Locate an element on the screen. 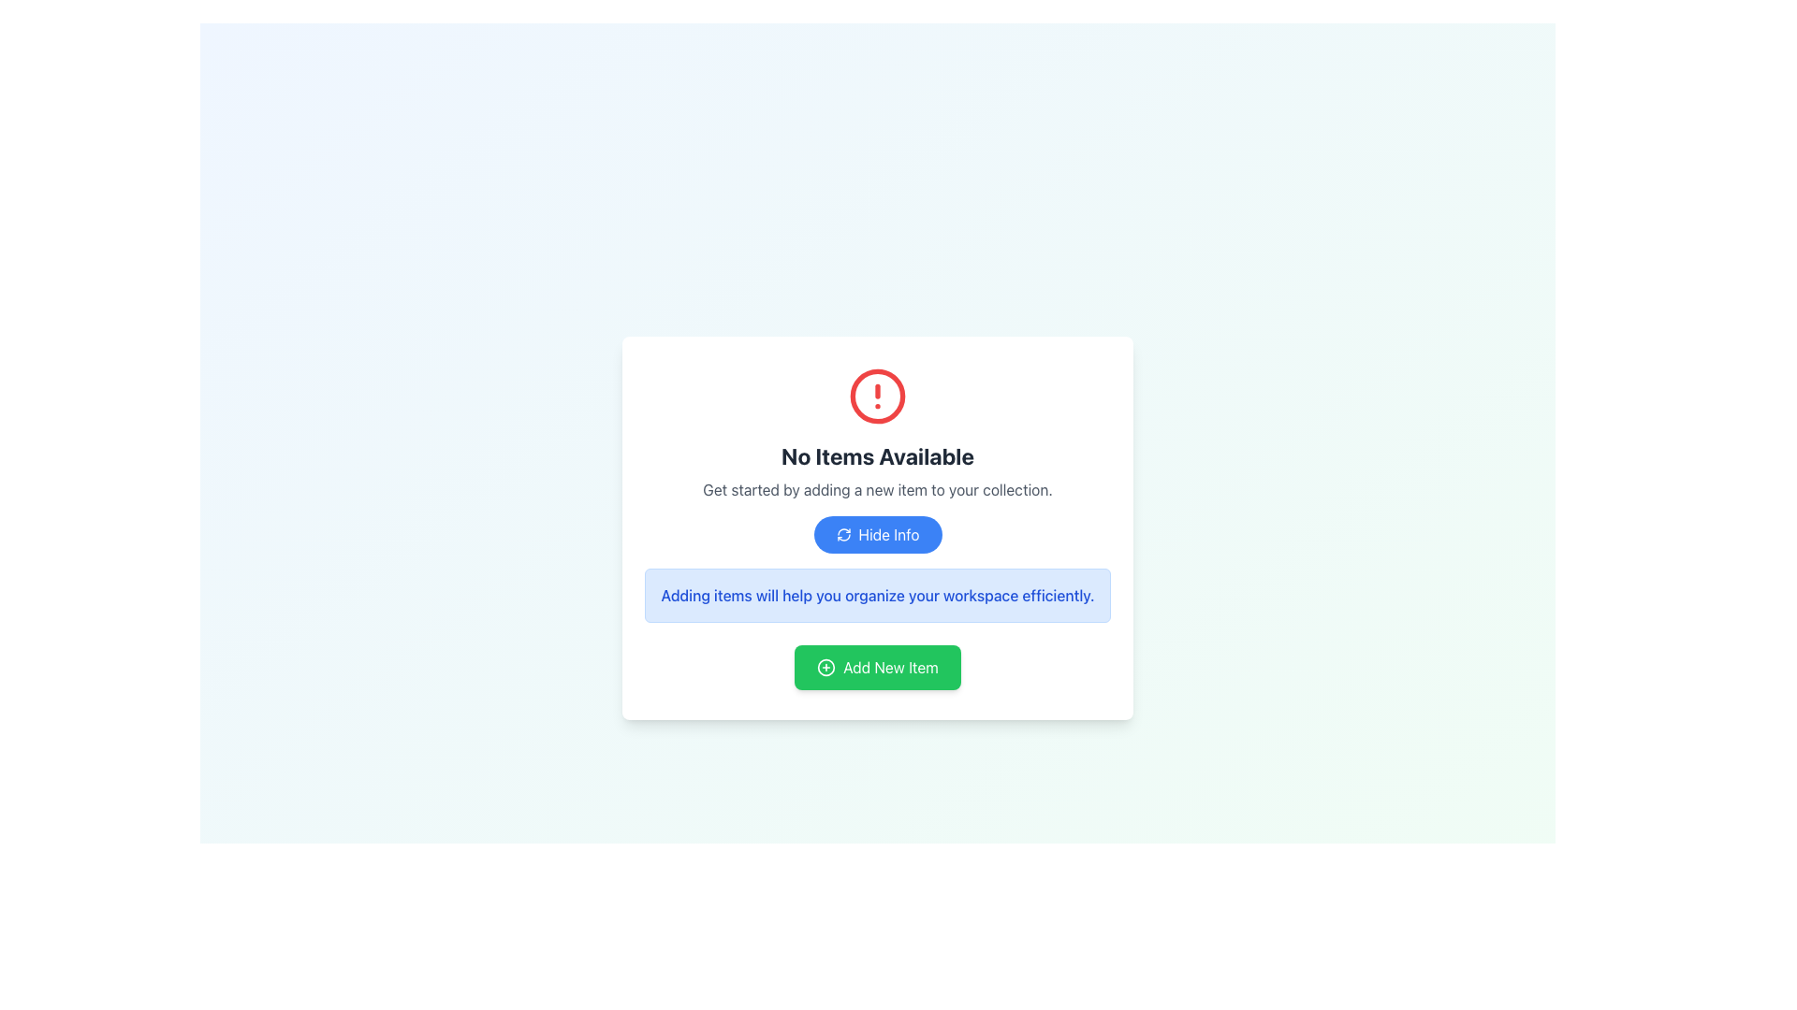  the text element that reads 'Adding items will help you organize your workspace efficiently.' which is centrally positioned within a light blue background and located between the 'Hide Info' button and 'Add New Item' button is located at coordinates (876, 595).